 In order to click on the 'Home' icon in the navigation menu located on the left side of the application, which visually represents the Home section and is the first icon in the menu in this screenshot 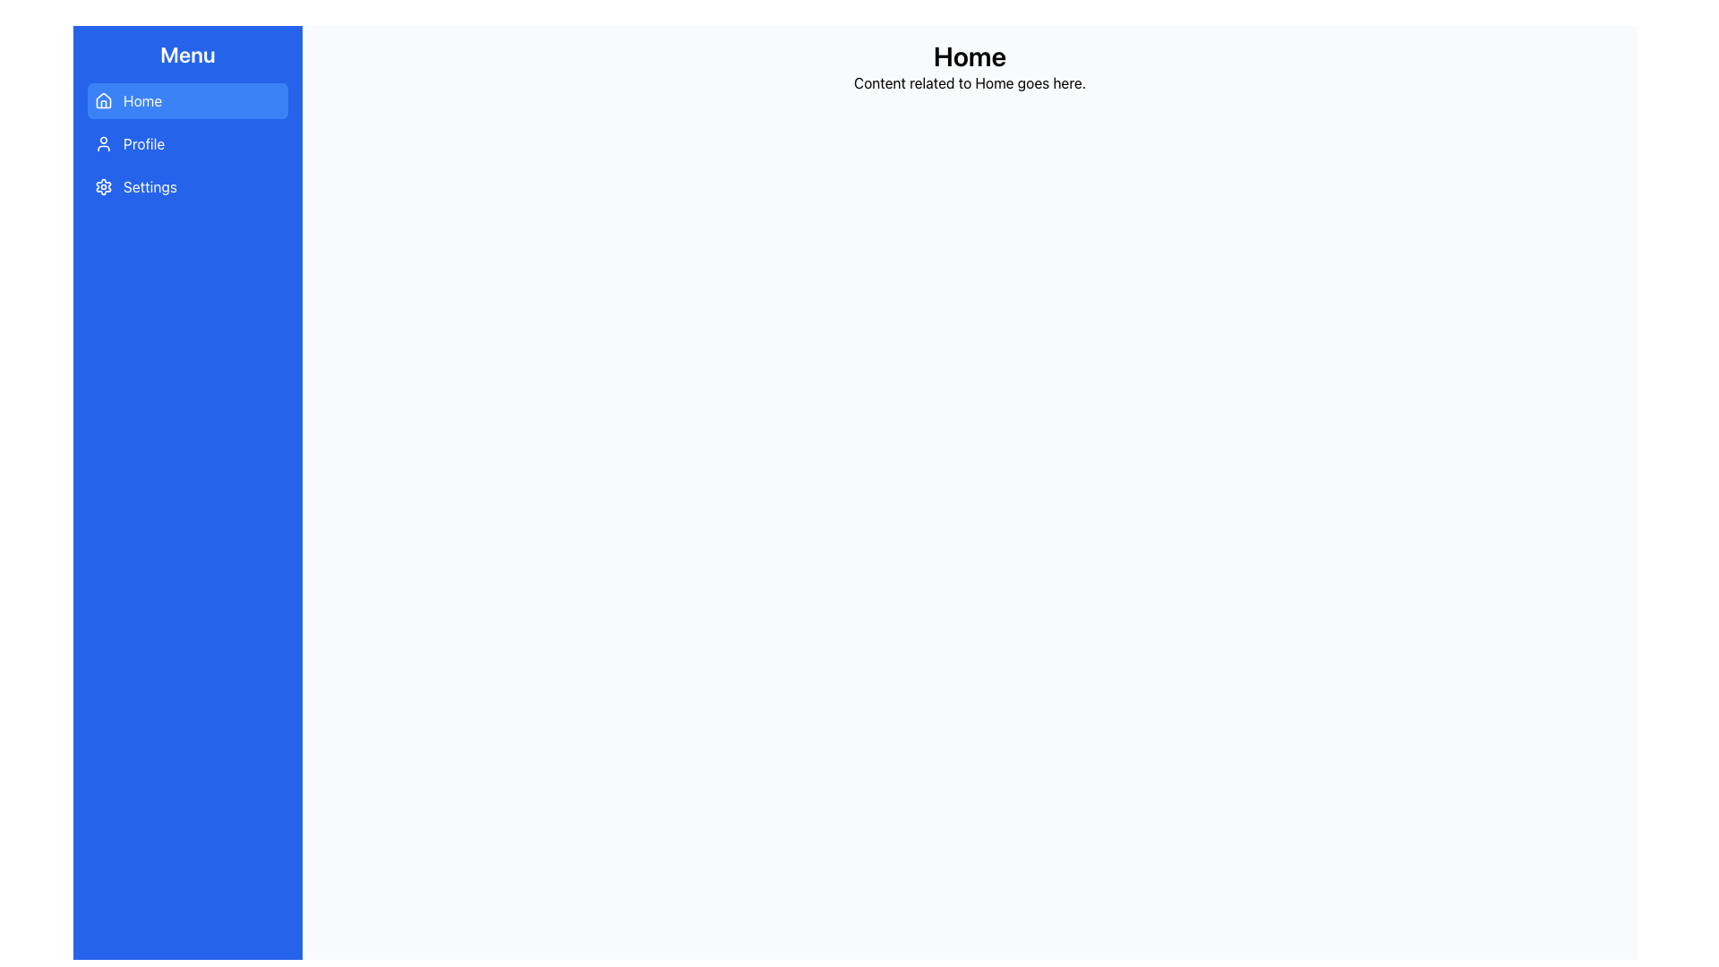, I will do `click(102, 99)`.